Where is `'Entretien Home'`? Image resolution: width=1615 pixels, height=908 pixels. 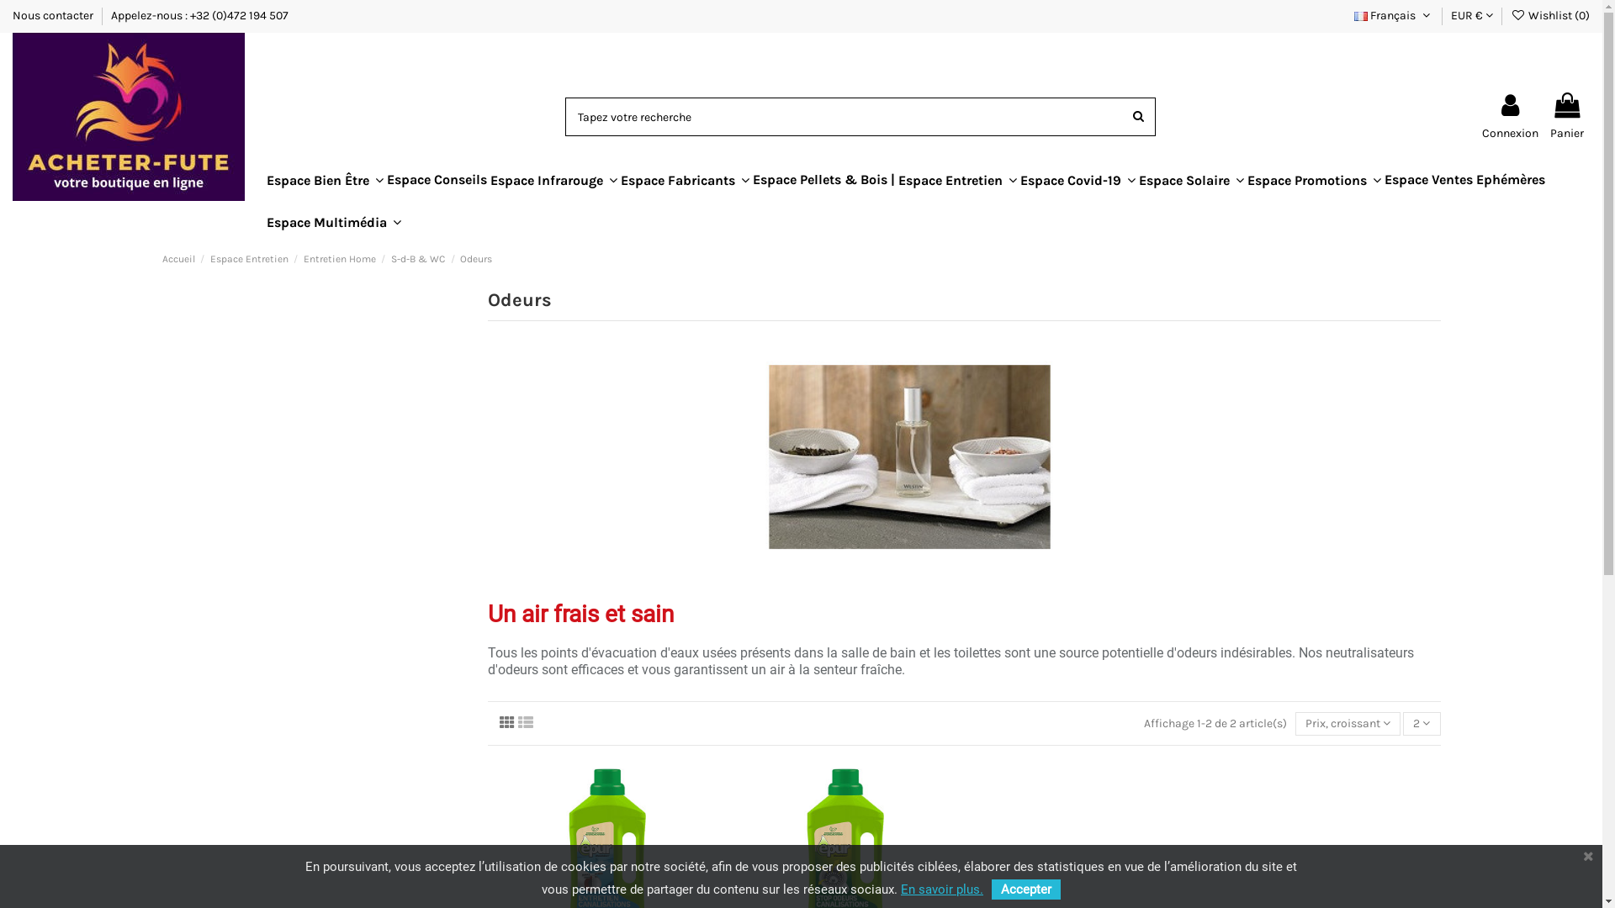
'Entretien Home' is located at coordinates (303, 259).